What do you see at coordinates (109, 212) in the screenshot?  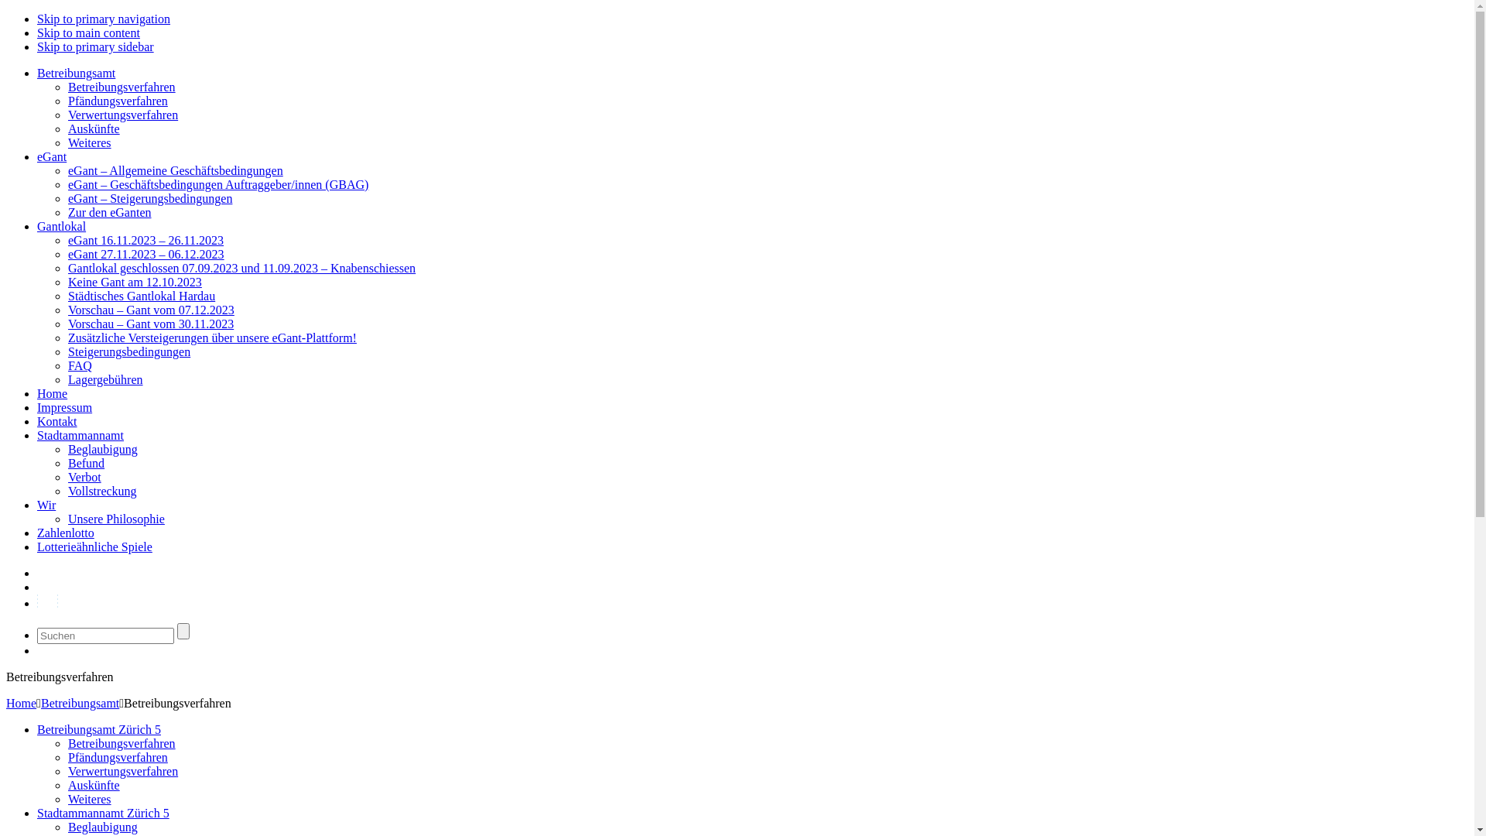 I see `'Zur den eGanten'` at bounding box center [109, 212].